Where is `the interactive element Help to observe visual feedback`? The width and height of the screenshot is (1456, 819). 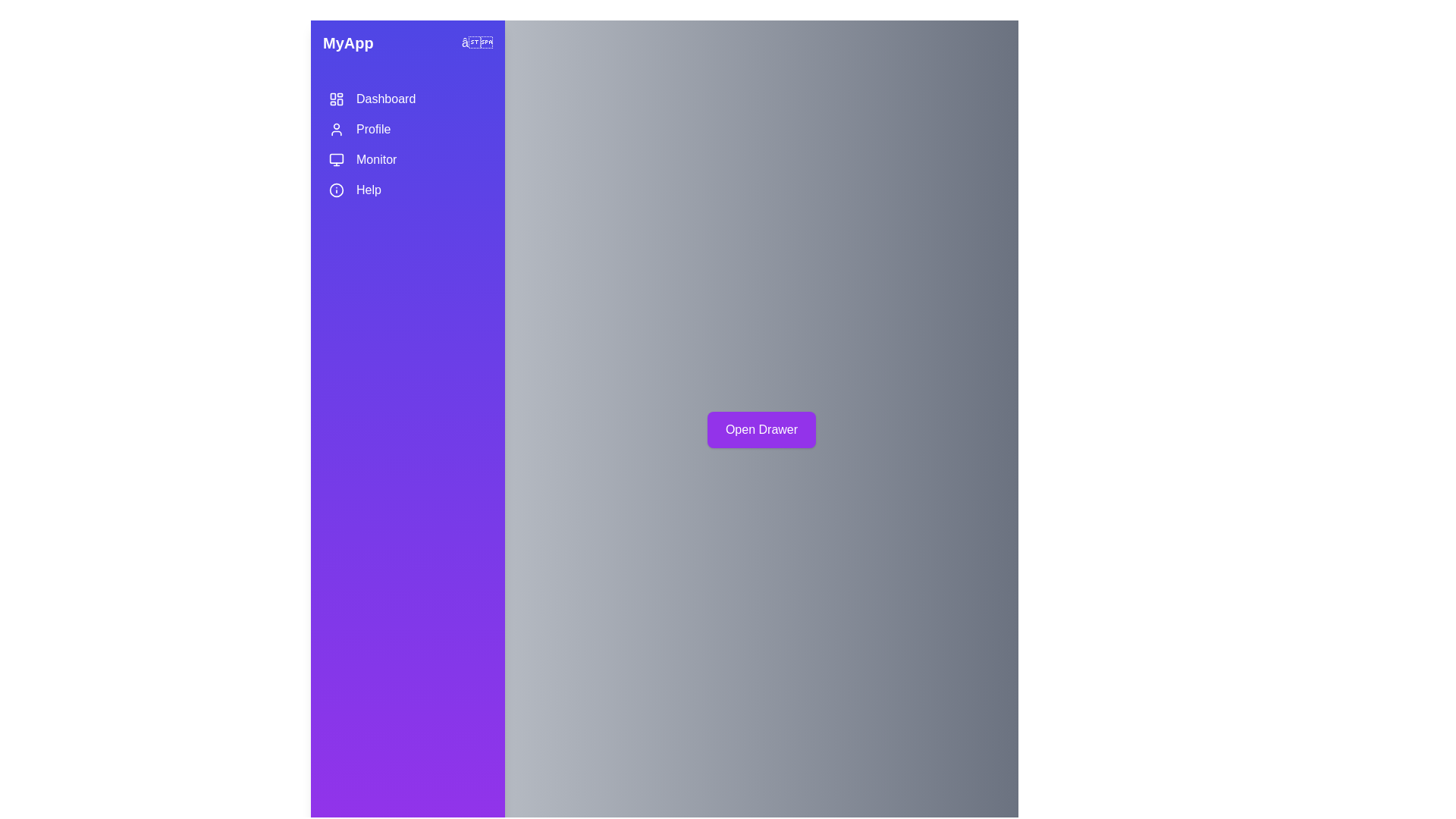 the interactive element Help to observe visual feedback is located at coordinates (407, 189).